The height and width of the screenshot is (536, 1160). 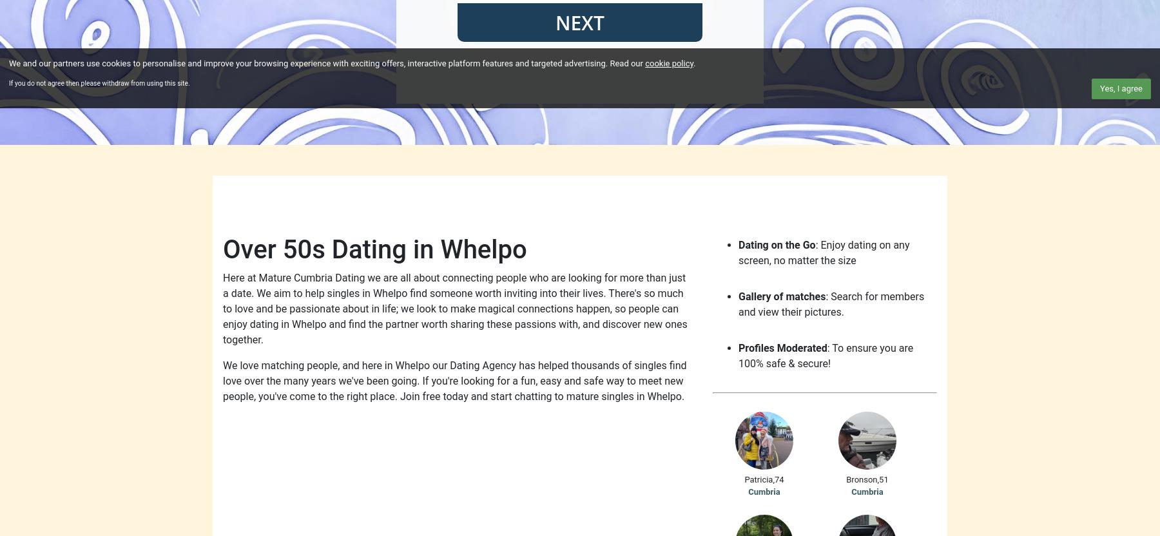 I want to click on 'Gallery of matches', so click(x=781, y=296).